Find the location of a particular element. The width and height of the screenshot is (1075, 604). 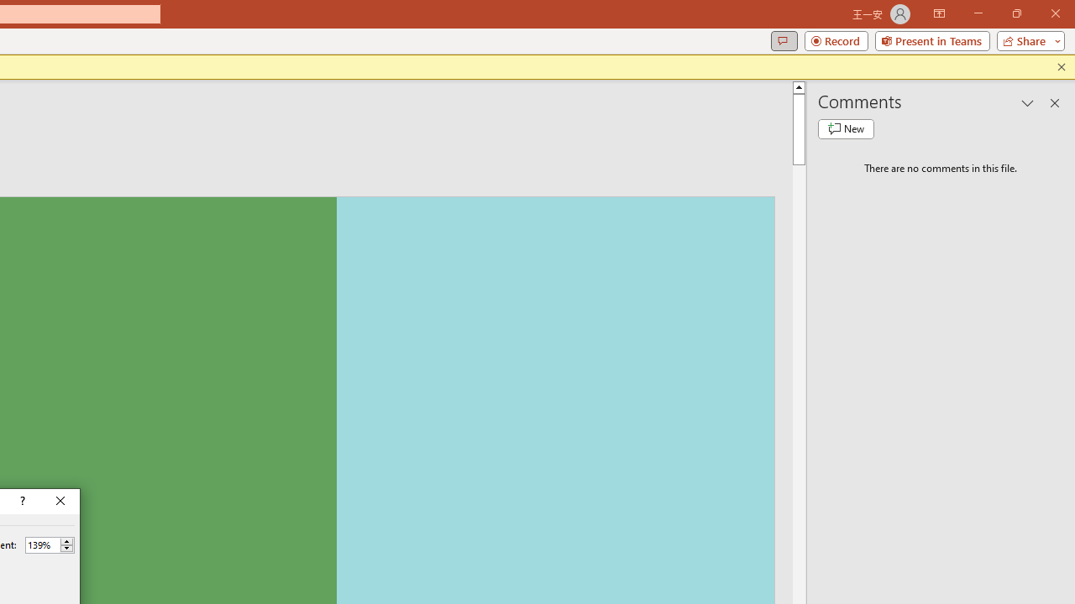

'Comments' is located at coordinates (783, 39).